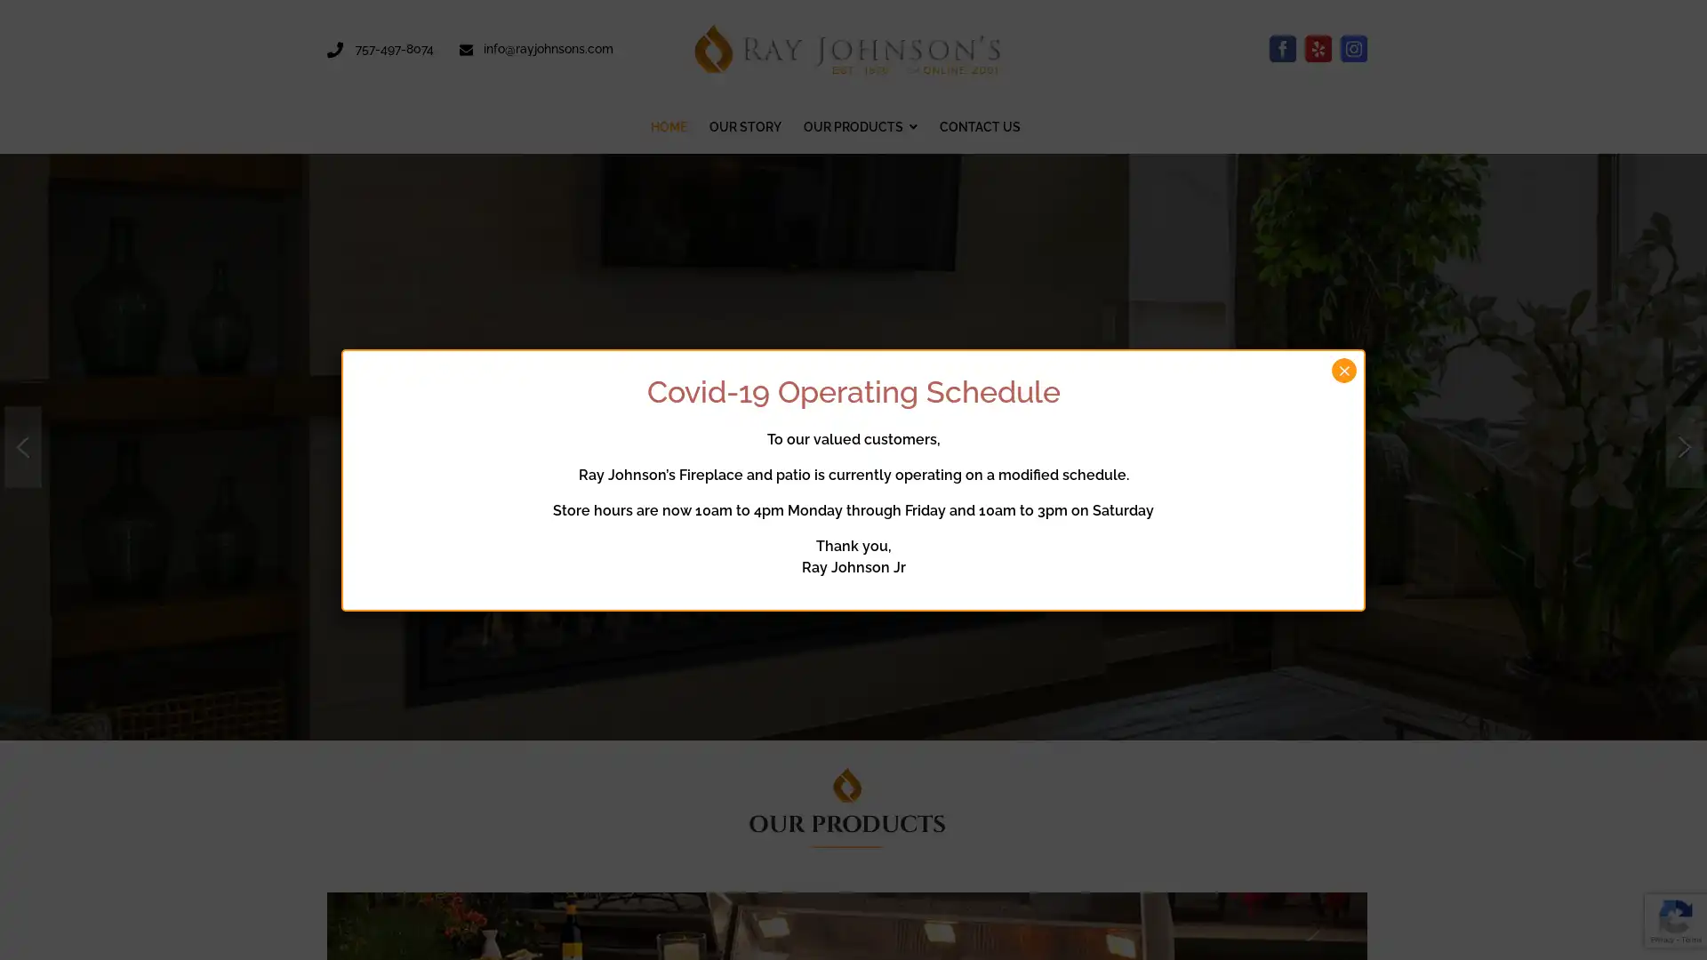 This screenshot has height=960, width=1707. I want to click on Close, so click(1344, 369).